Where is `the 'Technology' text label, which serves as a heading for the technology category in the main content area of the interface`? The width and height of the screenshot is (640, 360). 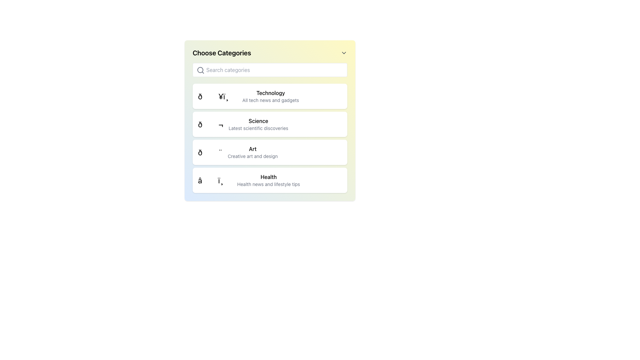 the 'Technology' text label, which serves as a heading for the technology category in the main content area of the interface is located at coordinates (271, 93).